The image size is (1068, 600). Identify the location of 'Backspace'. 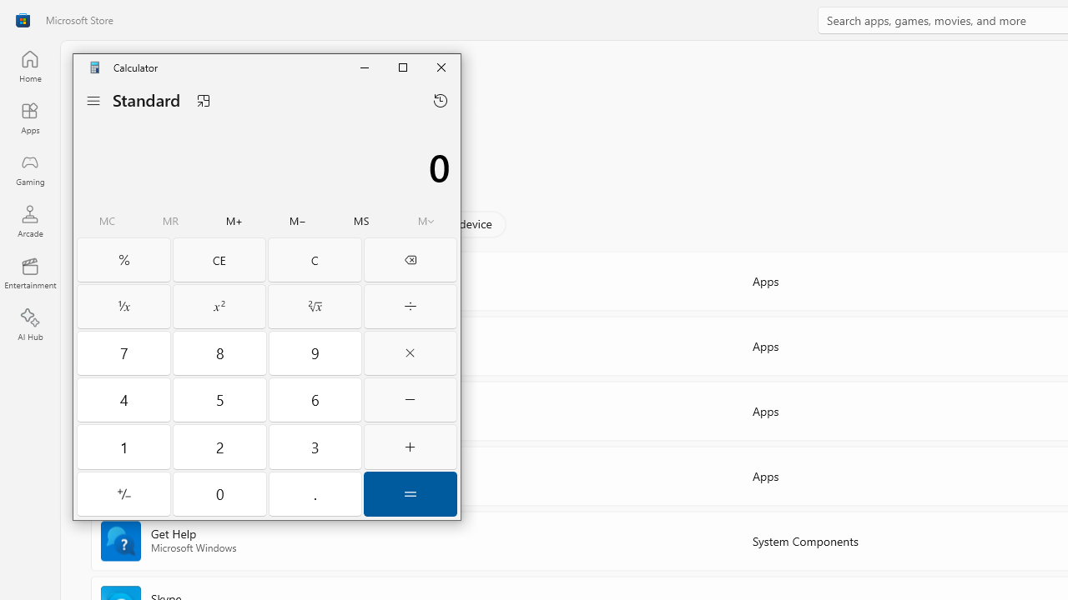
(411, 260).